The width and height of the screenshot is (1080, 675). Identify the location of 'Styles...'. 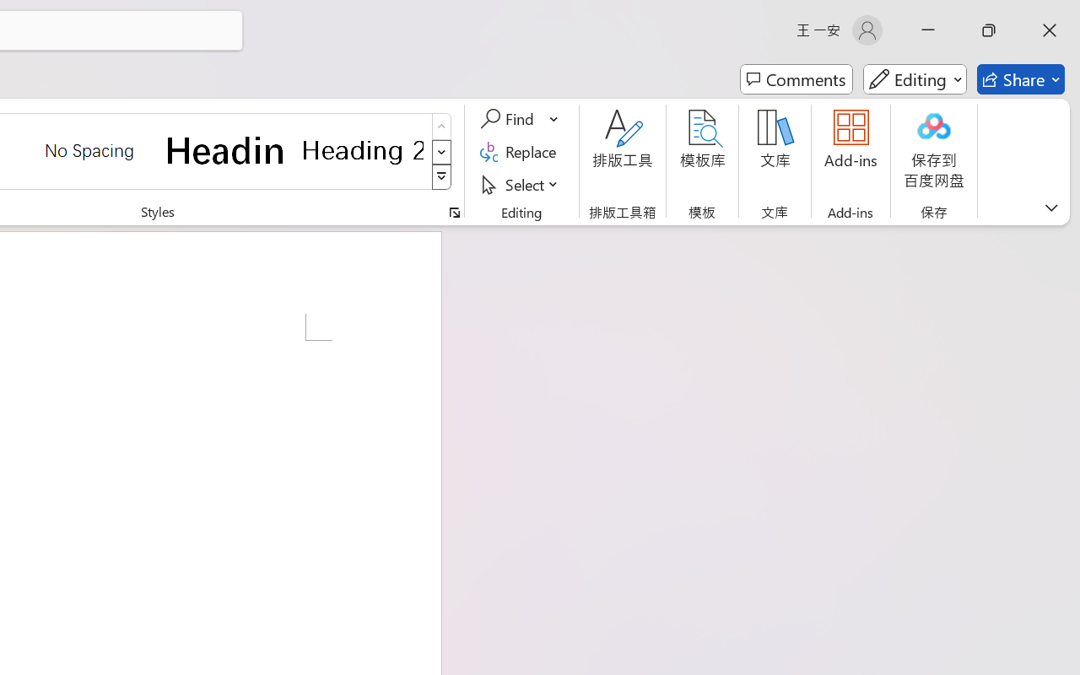
(454, 212).